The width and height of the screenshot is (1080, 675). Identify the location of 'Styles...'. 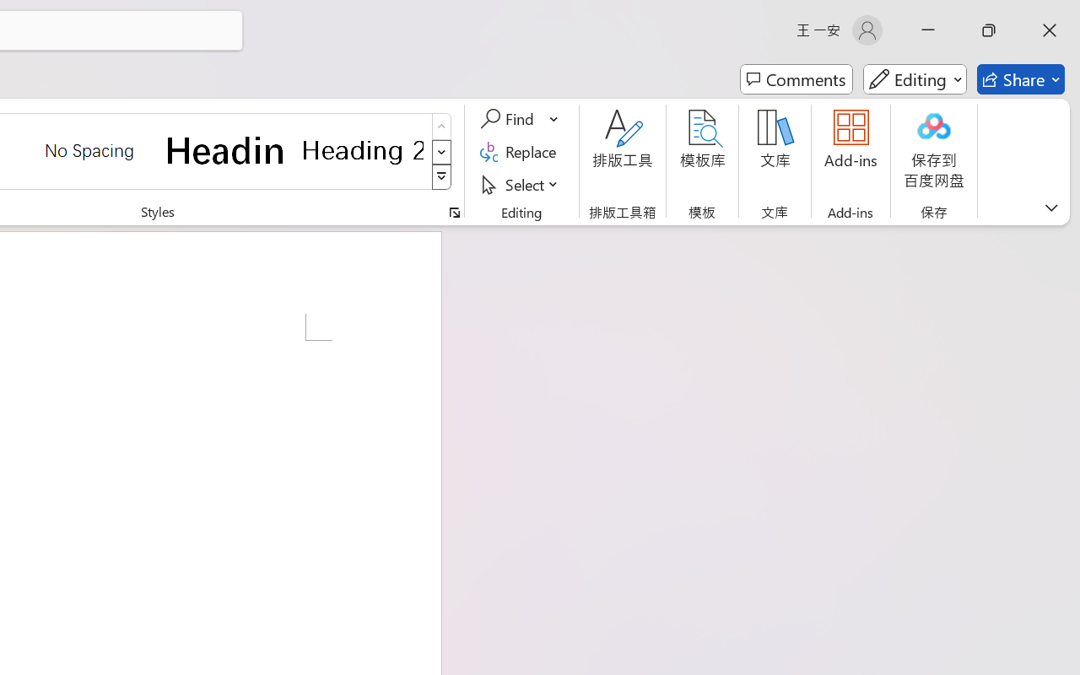
(454, 212).